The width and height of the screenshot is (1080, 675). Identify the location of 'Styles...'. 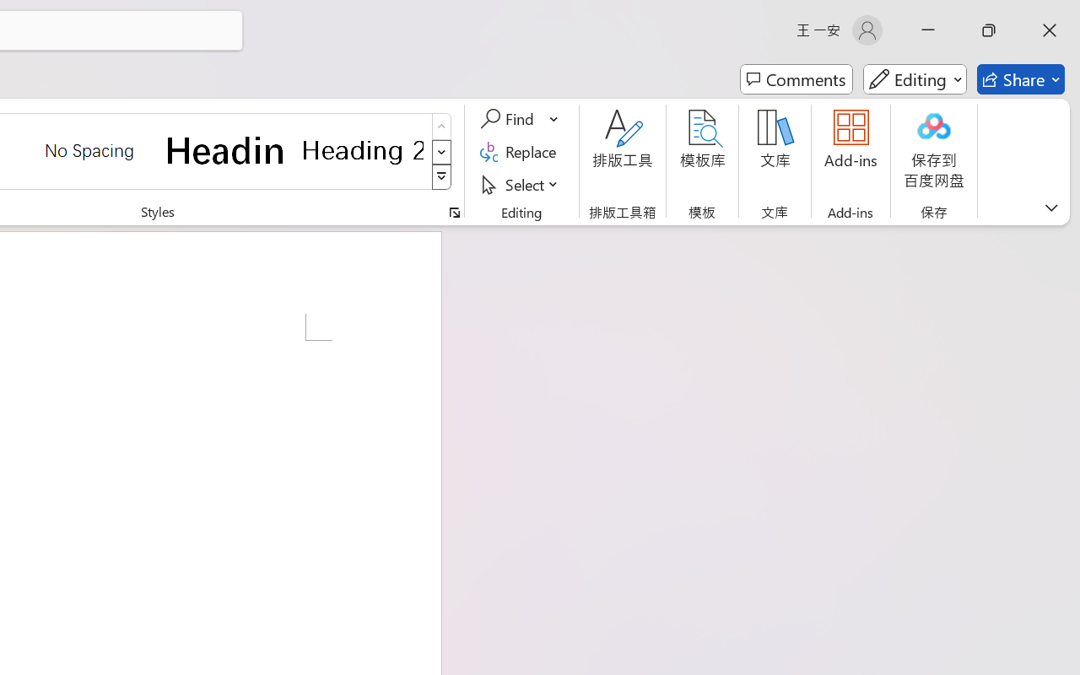
(454, 212).